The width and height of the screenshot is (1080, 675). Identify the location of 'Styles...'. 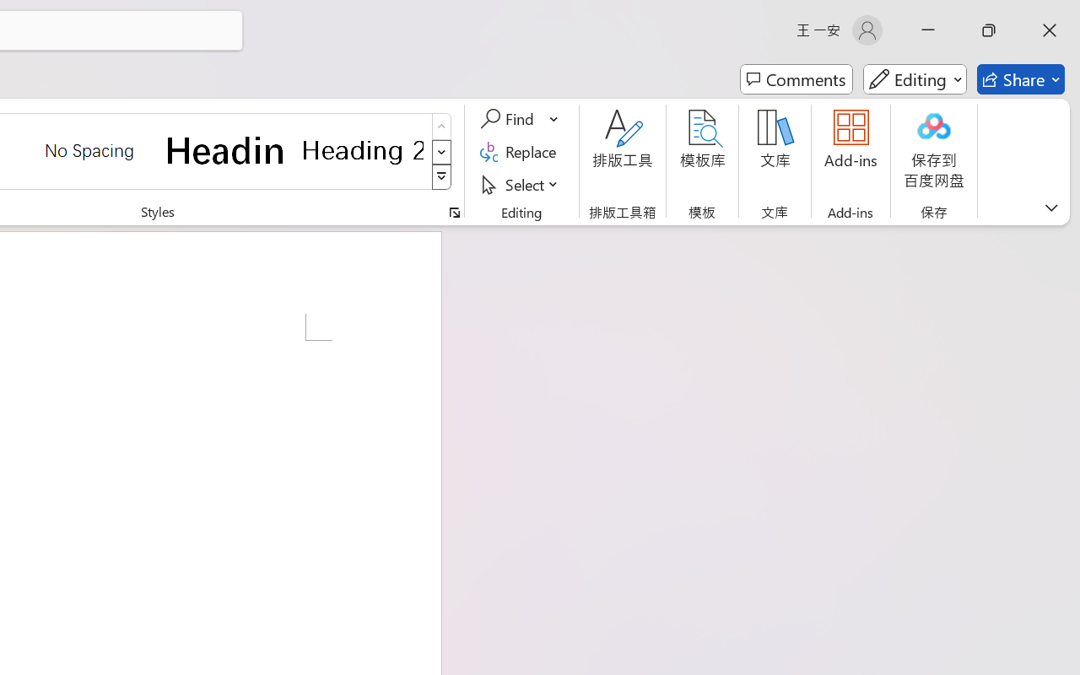
(454, 212).